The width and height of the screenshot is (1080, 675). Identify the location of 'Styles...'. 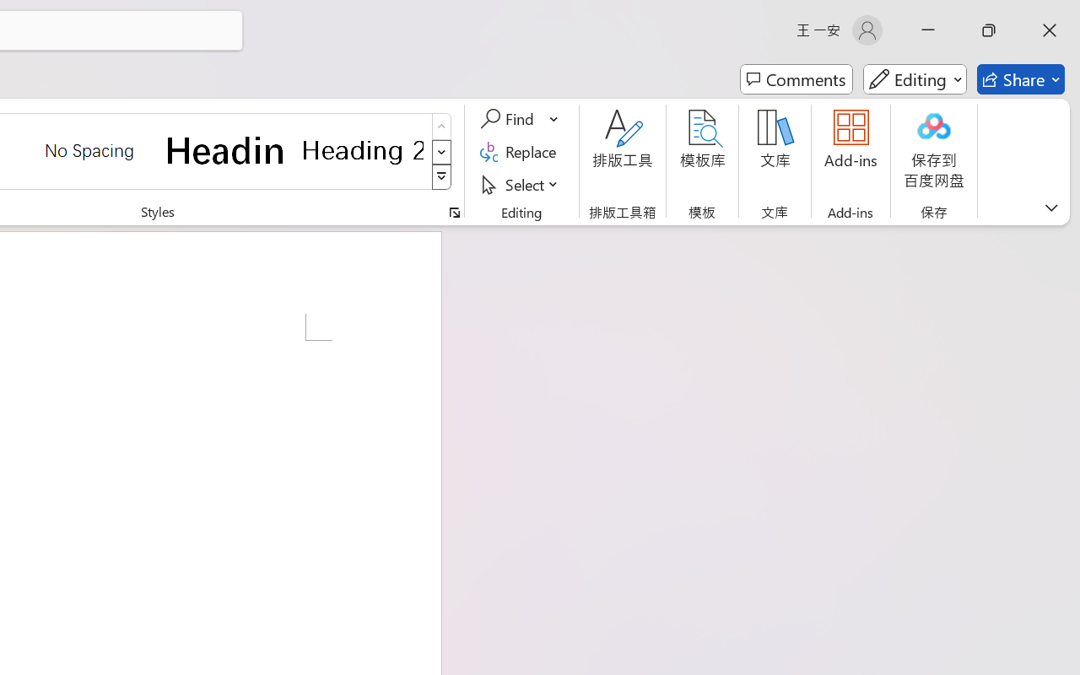
(454, 212).